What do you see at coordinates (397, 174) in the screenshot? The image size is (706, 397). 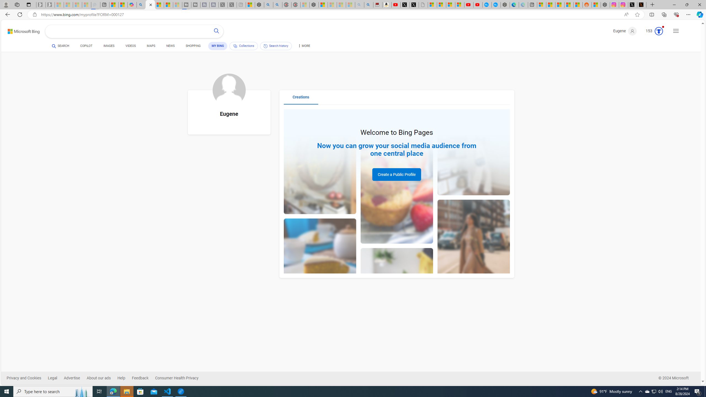 I see `'Create a Public Profile'` at bounding box center [397, 174].